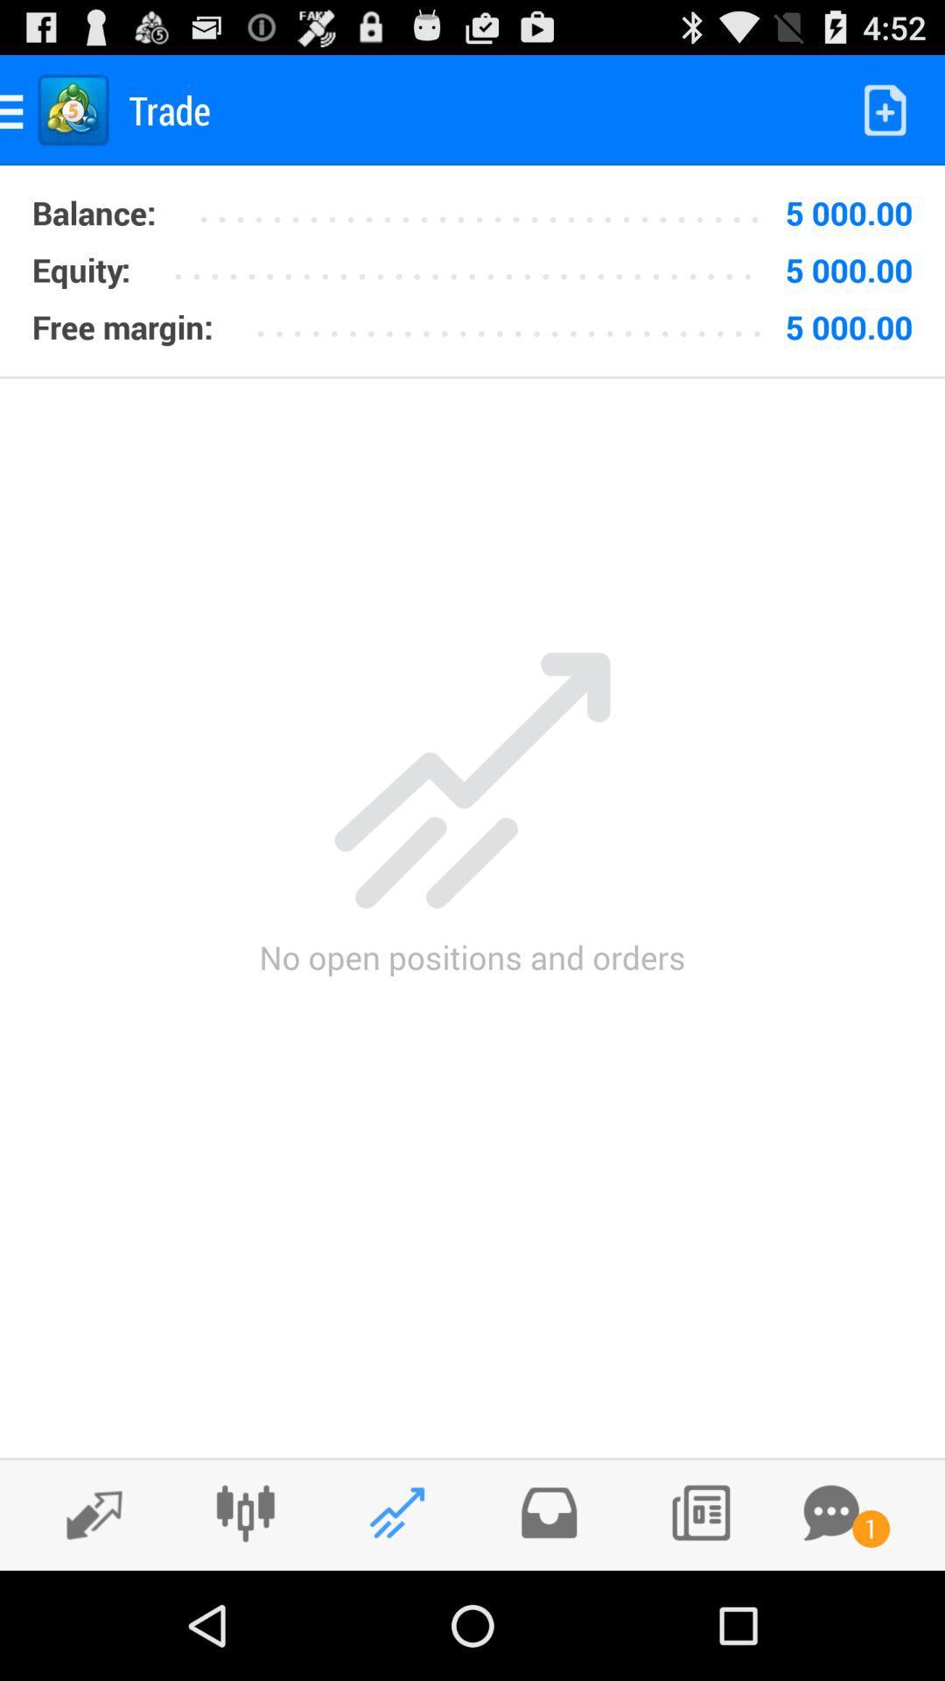  I want to click on icon to the left of 5 000.00, so click(514, 320).